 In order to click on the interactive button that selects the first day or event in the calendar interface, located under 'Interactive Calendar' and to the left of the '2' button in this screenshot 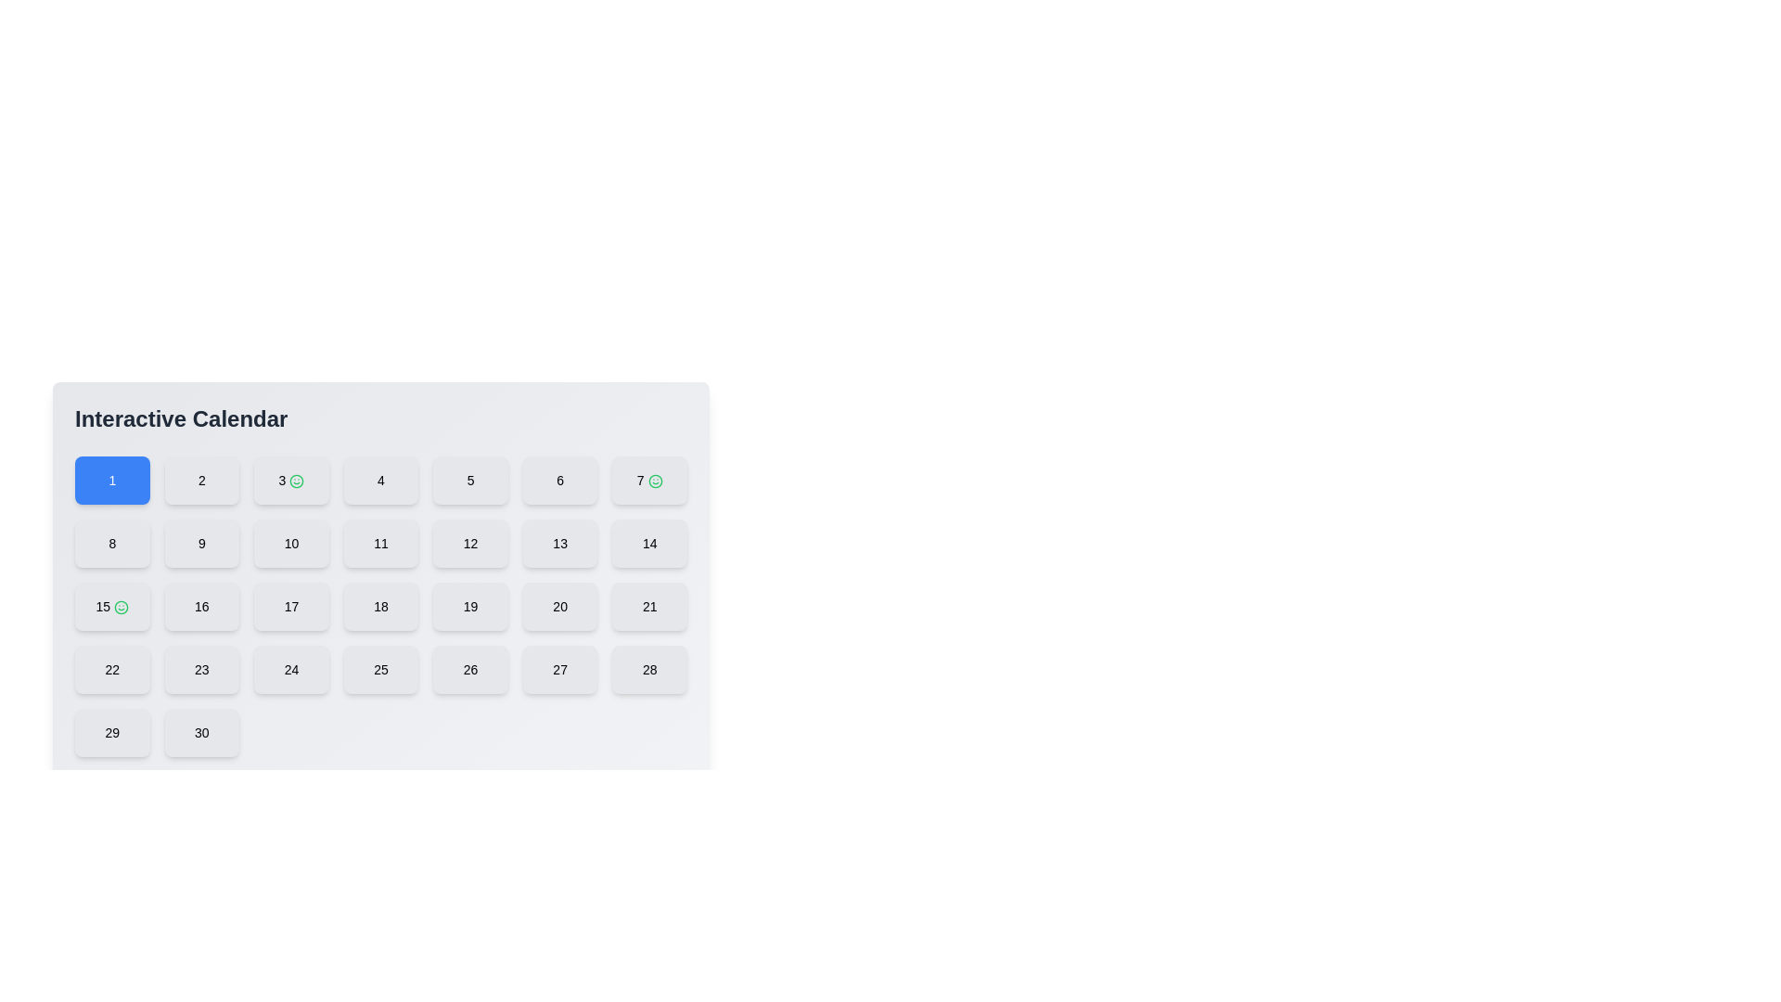, I will do `click(111, 479)`.